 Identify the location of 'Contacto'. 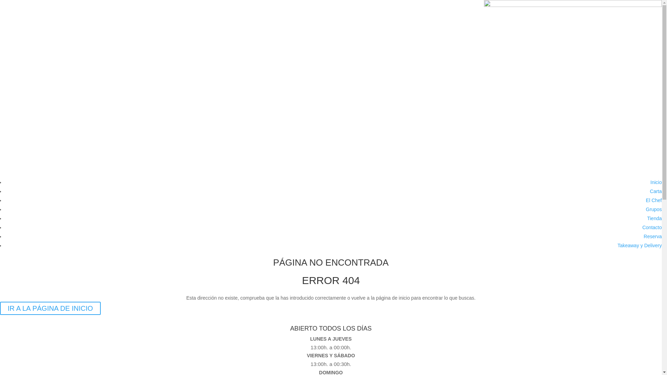
(651, 227).